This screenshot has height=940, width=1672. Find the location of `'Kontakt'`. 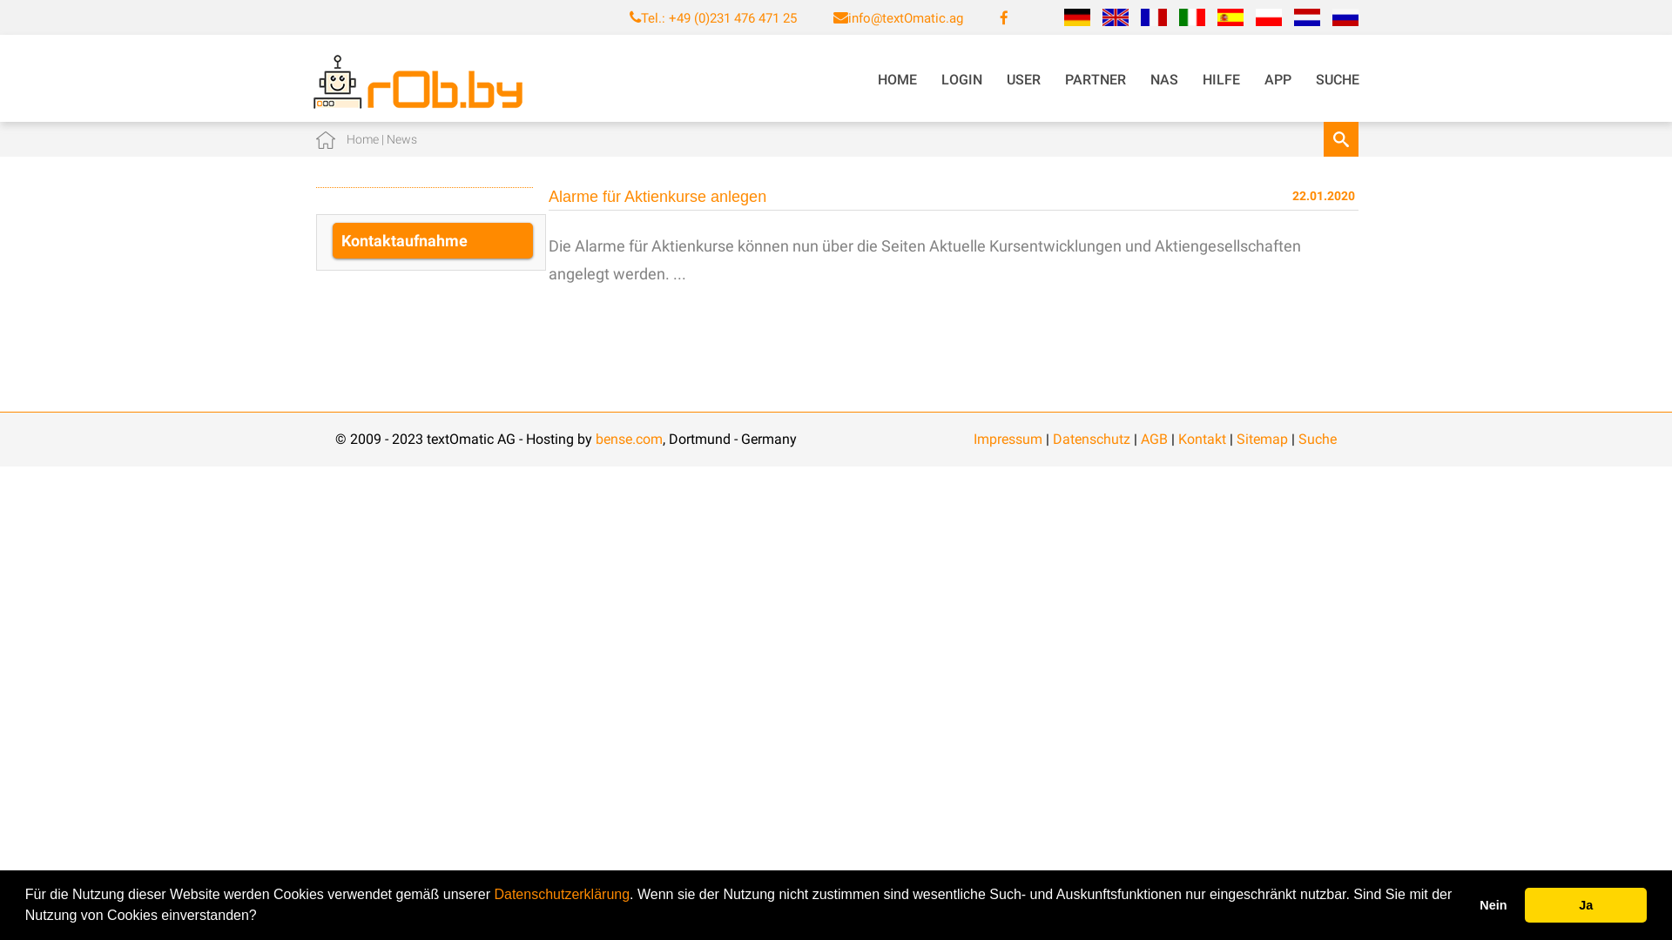

'Kontakt' is located at coordinates (1178, 438).